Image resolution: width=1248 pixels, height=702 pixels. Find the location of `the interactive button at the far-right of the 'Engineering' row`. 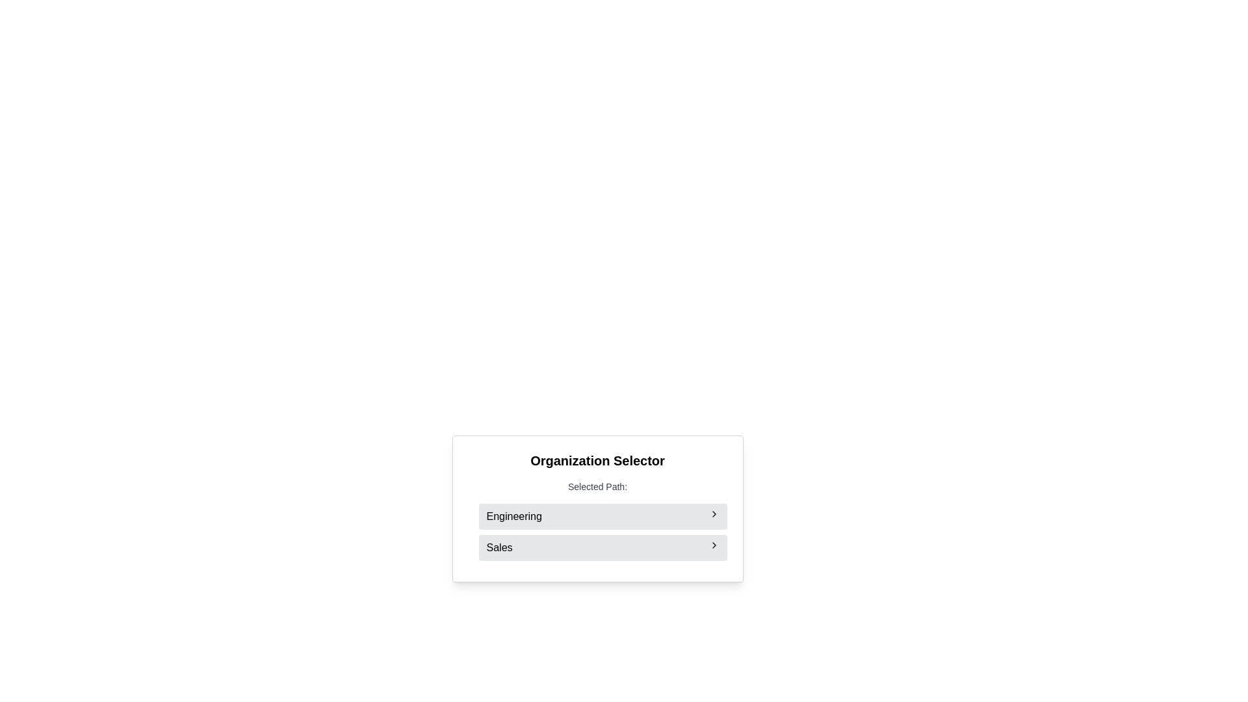

the interactive button at the far-right of the 'Engineering' row is located at coordinates (713, 513).